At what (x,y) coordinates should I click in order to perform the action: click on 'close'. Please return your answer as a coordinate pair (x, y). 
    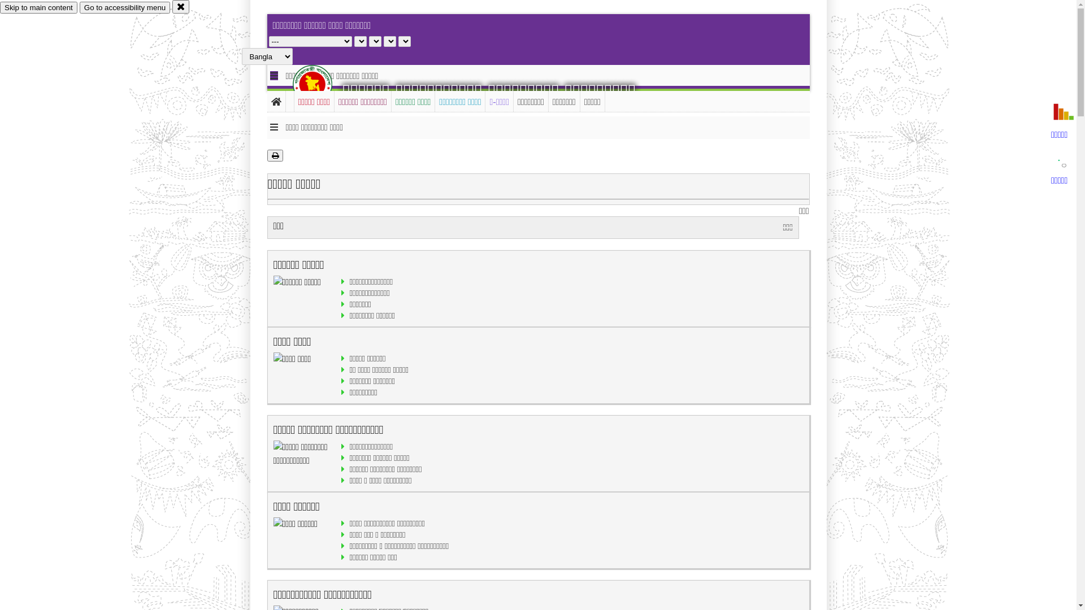
    Looking at the image, I should click on (181, 6).